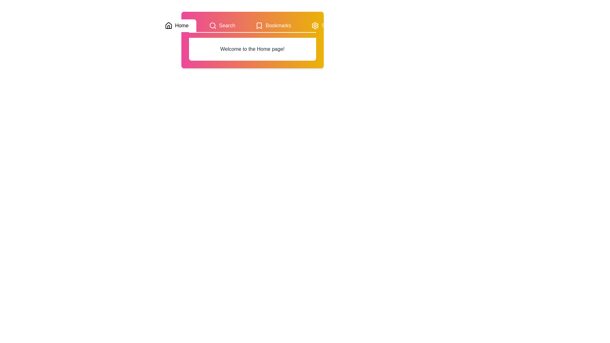 The width and height of the screenshot is (610, 343). I want to click on the tab labeled Settings to preview its highlight effect, so click(326, 25).